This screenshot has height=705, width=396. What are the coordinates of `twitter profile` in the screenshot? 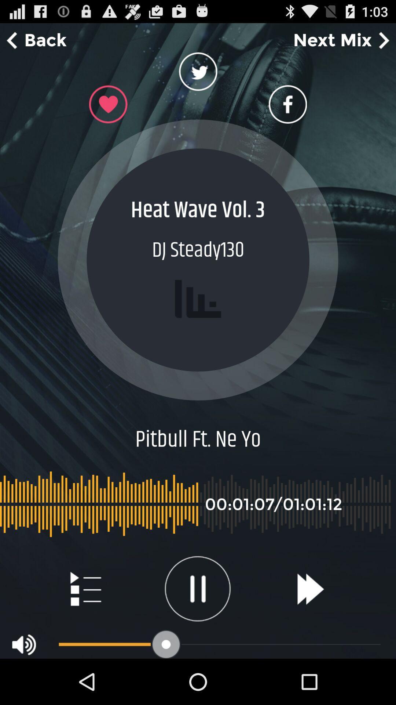 It's located at (198, 74).